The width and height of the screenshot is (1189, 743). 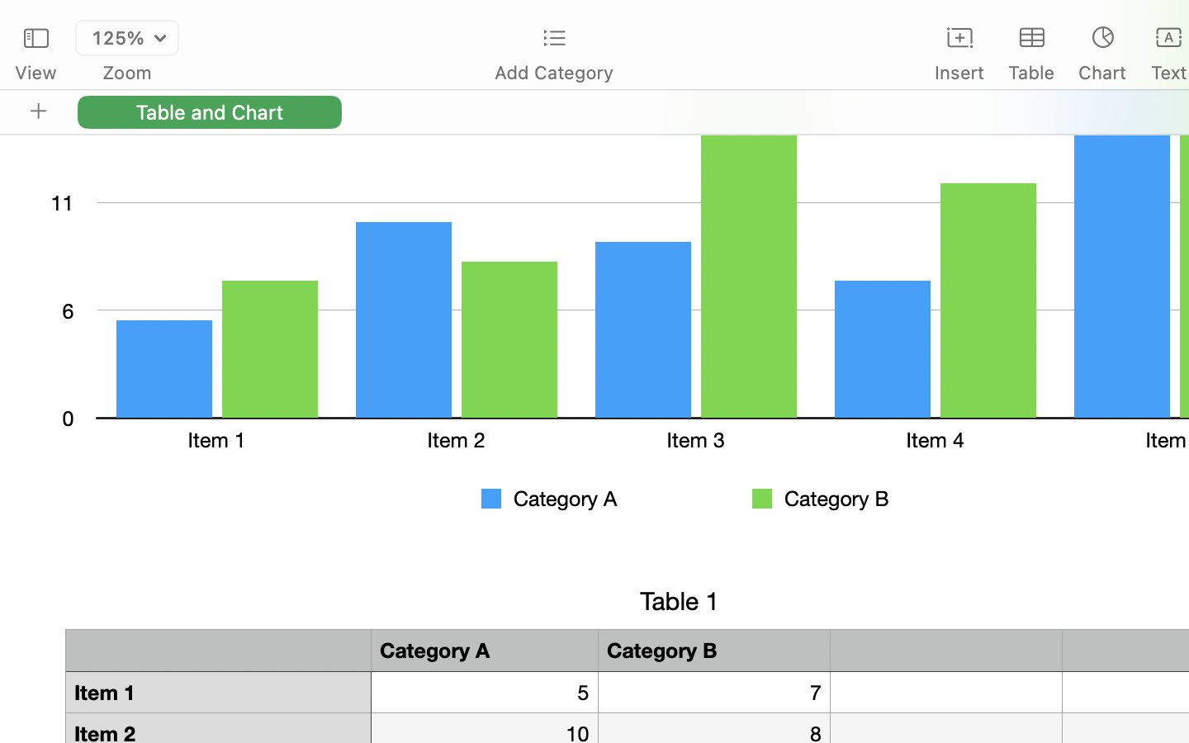 I want to click on 'Add Category', so click(x=553, y=72).